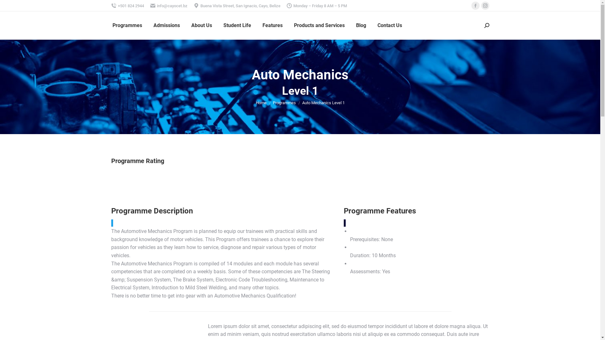 The height and width of the screenshot is (340, 605). I want to click on 'Contact Us', so click(389, 25).